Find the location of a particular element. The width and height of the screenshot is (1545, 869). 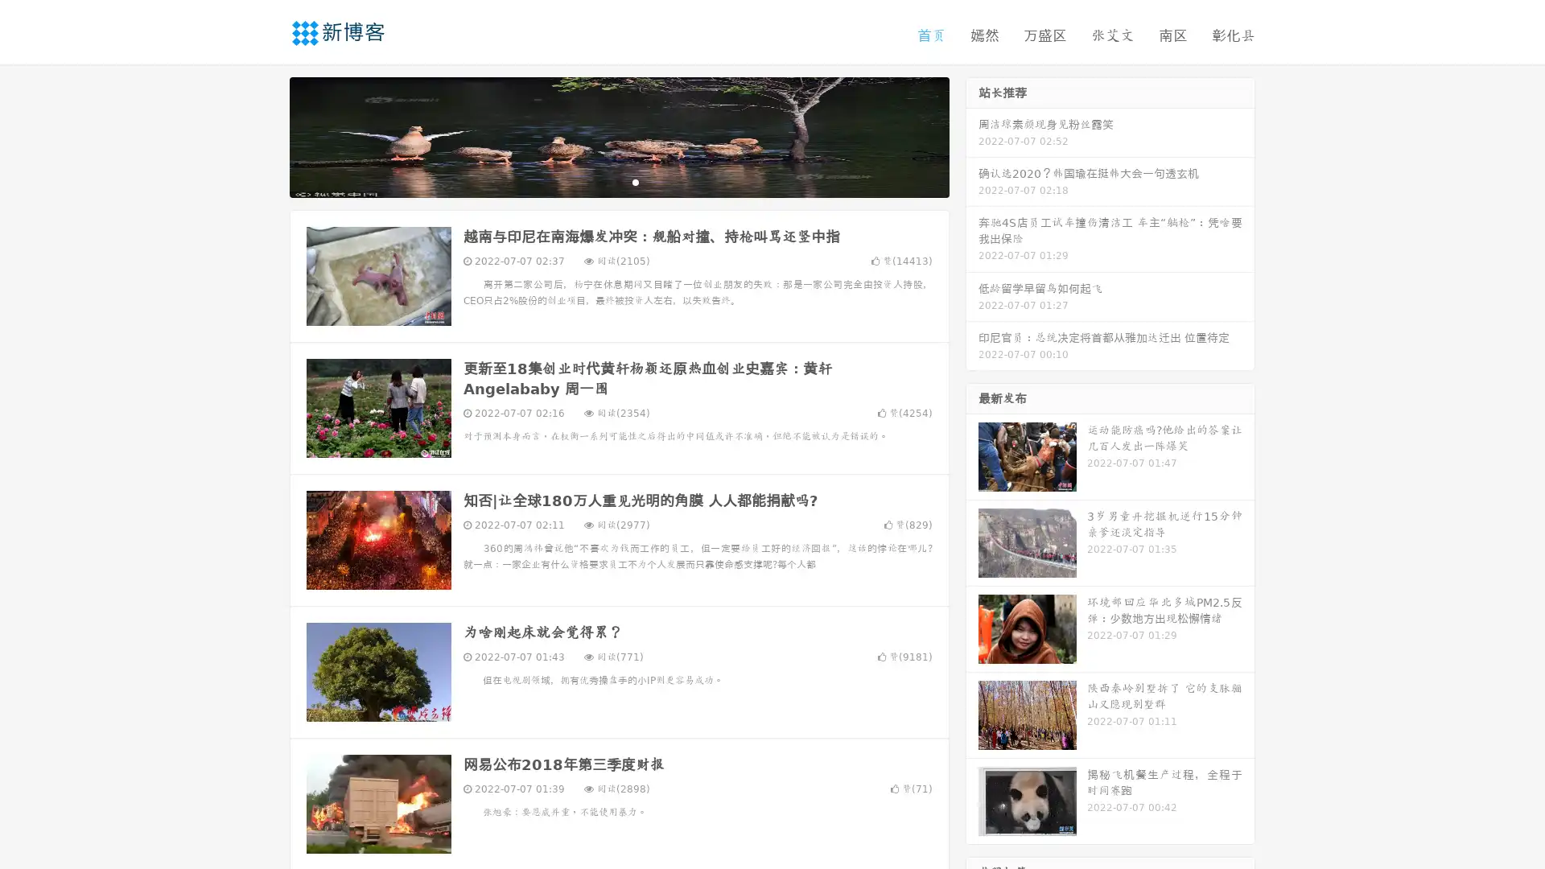

Go to slide 2 is located at coordinates (618, 181).